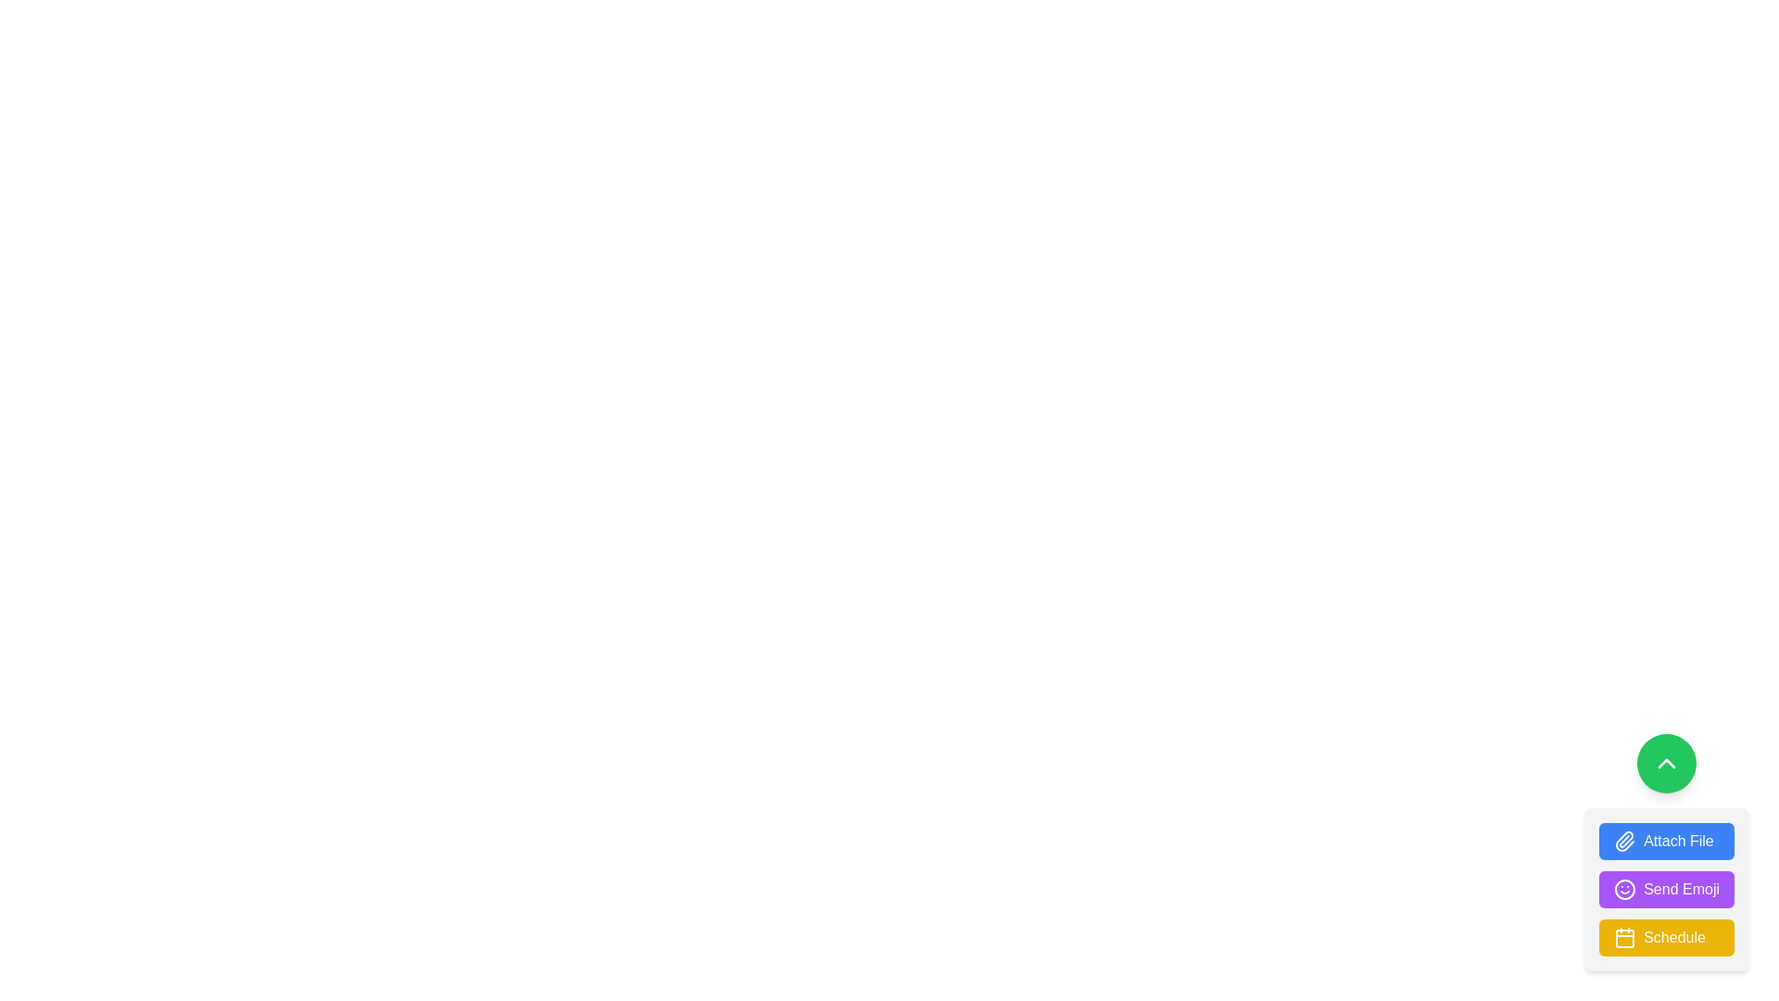  I want to click on the blue 'Attach File' button with a paperclip icon located at the bottom right corner of the interface, so click(1667, 853).